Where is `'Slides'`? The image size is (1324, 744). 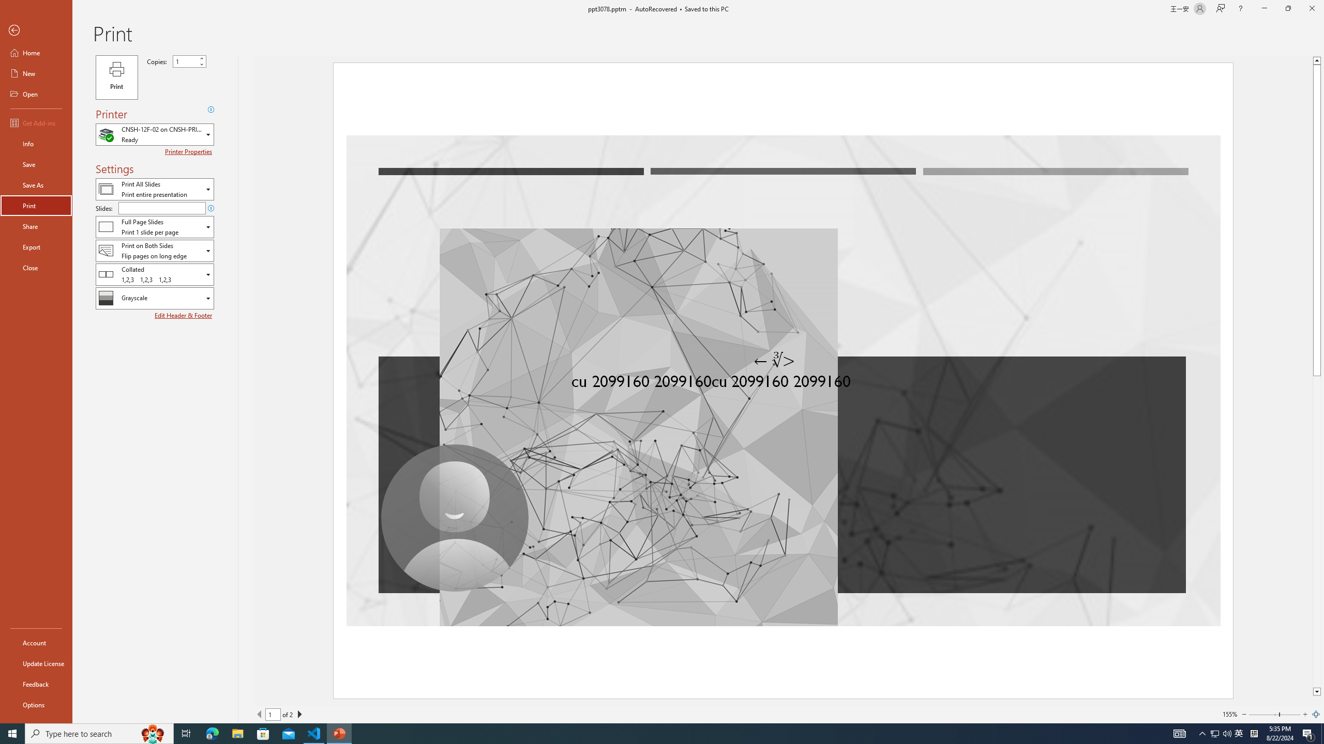 'Slides' is located at coordinates (162, 208).